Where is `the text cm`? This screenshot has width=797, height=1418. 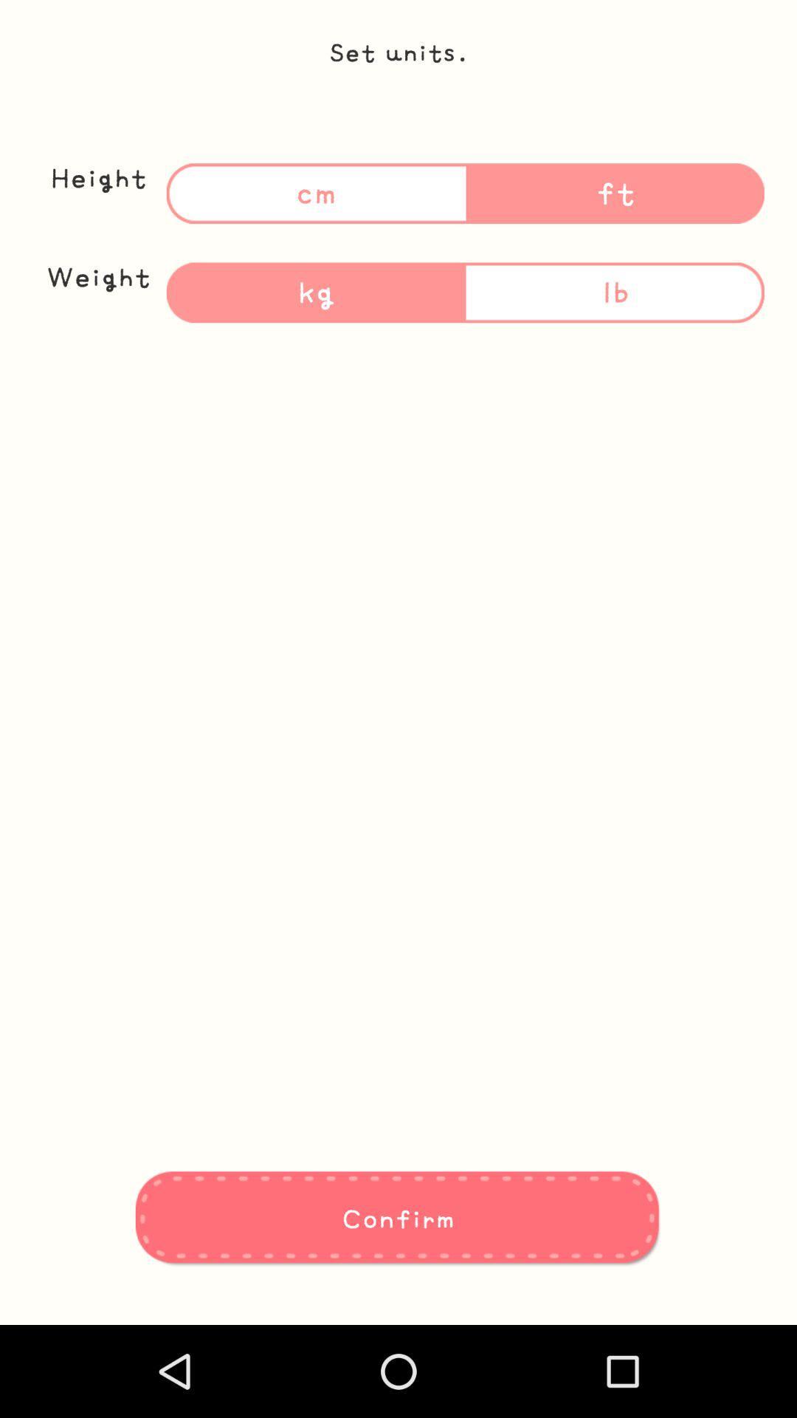
the text cm is located at coordinates (315, 193).